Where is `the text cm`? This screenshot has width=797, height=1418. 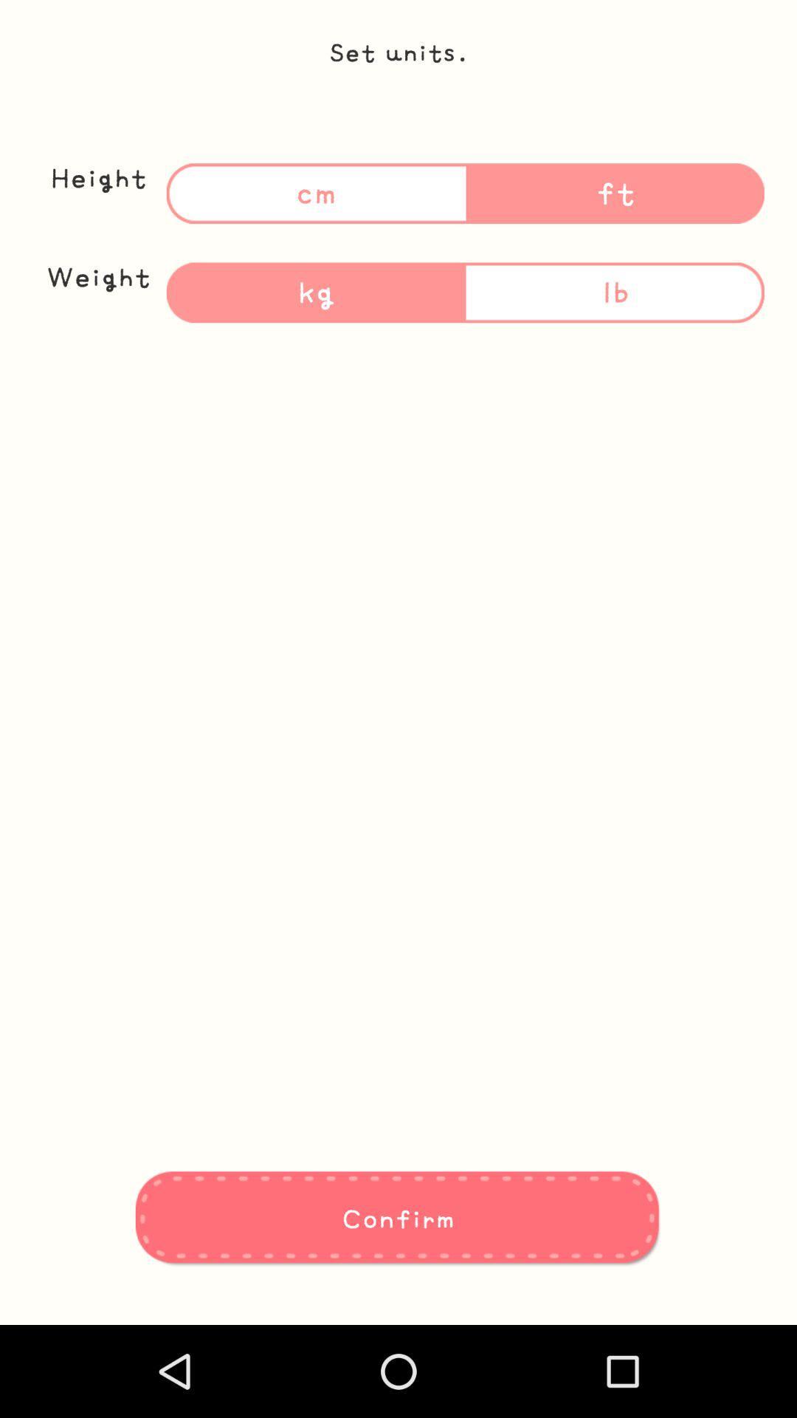
the text cm is located at coordinates (315, 193).